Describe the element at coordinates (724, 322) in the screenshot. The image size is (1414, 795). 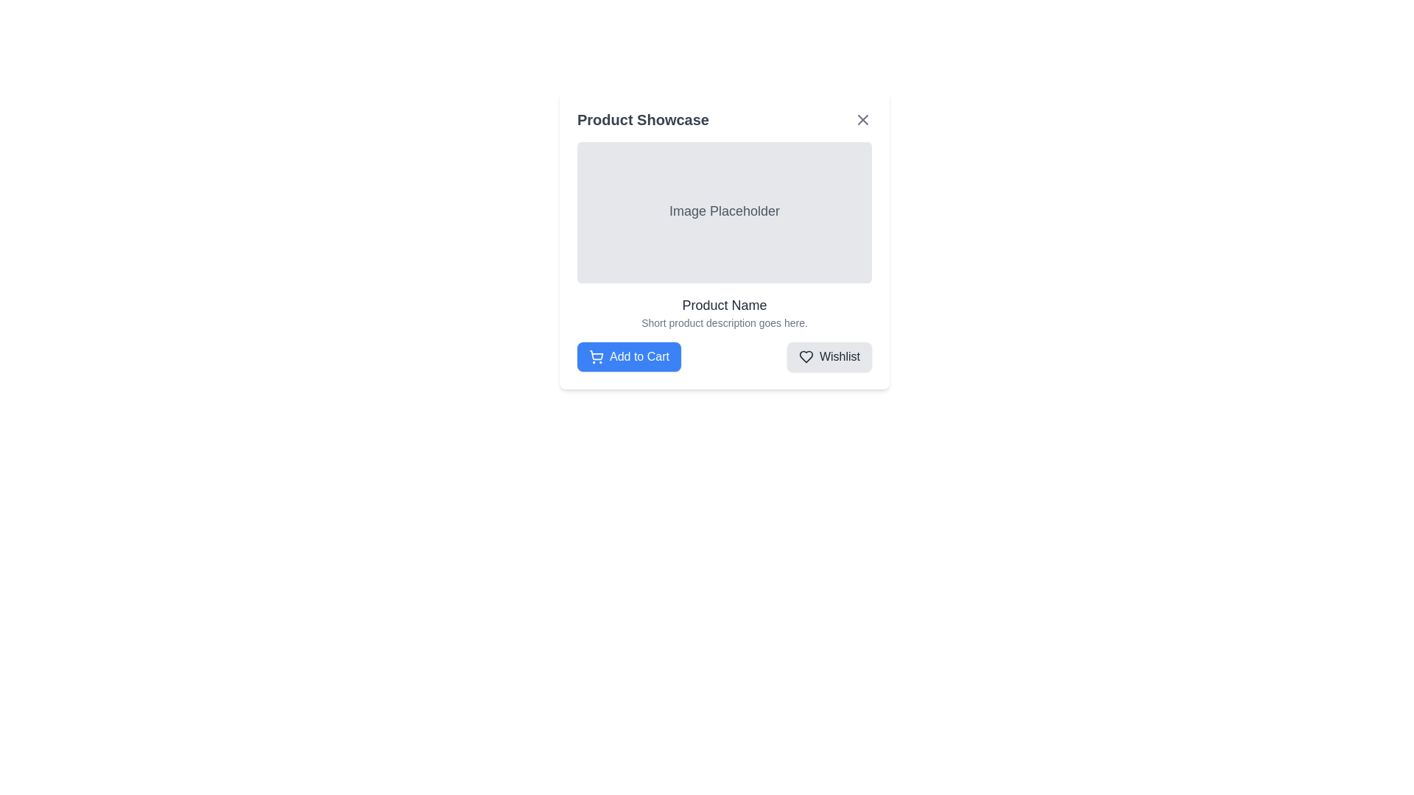
I see `the small text element displaying 'Short product description goes here.' which is positioned below 'Product Name' and above the 'Add to Cart' button` at that location.